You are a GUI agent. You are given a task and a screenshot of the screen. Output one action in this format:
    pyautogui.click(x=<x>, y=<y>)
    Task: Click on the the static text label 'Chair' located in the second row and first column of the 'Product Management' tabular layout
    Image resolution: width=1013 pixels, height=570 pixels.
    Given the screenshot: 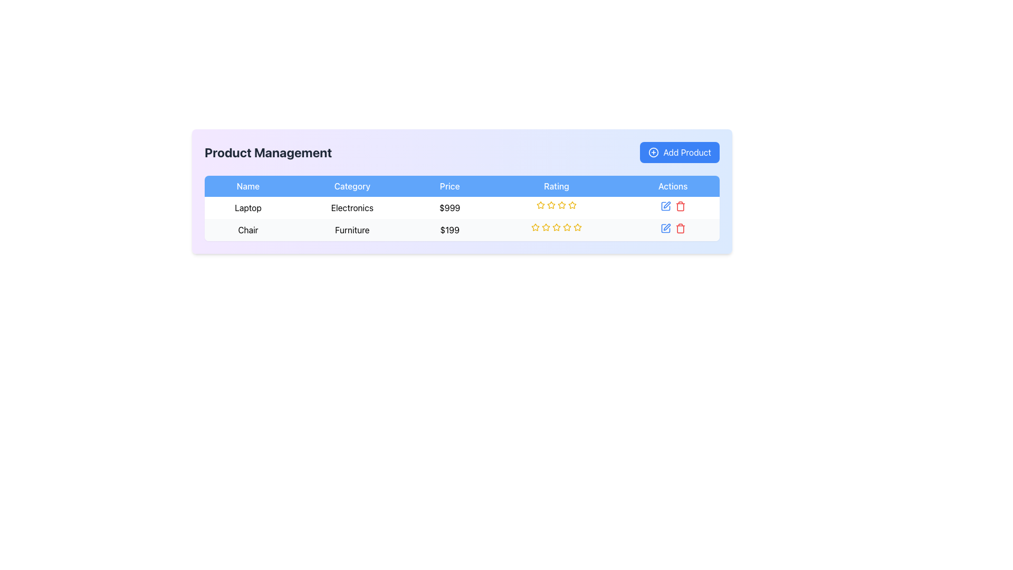 What is the action you would take?
    pyautogui.click(x=247, y=229)
    